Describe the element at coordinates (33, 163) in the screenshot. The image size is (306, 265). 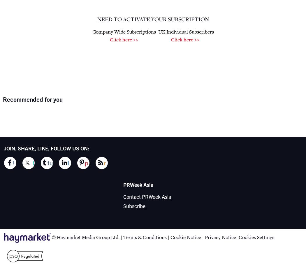
I see `'t'` at that location.